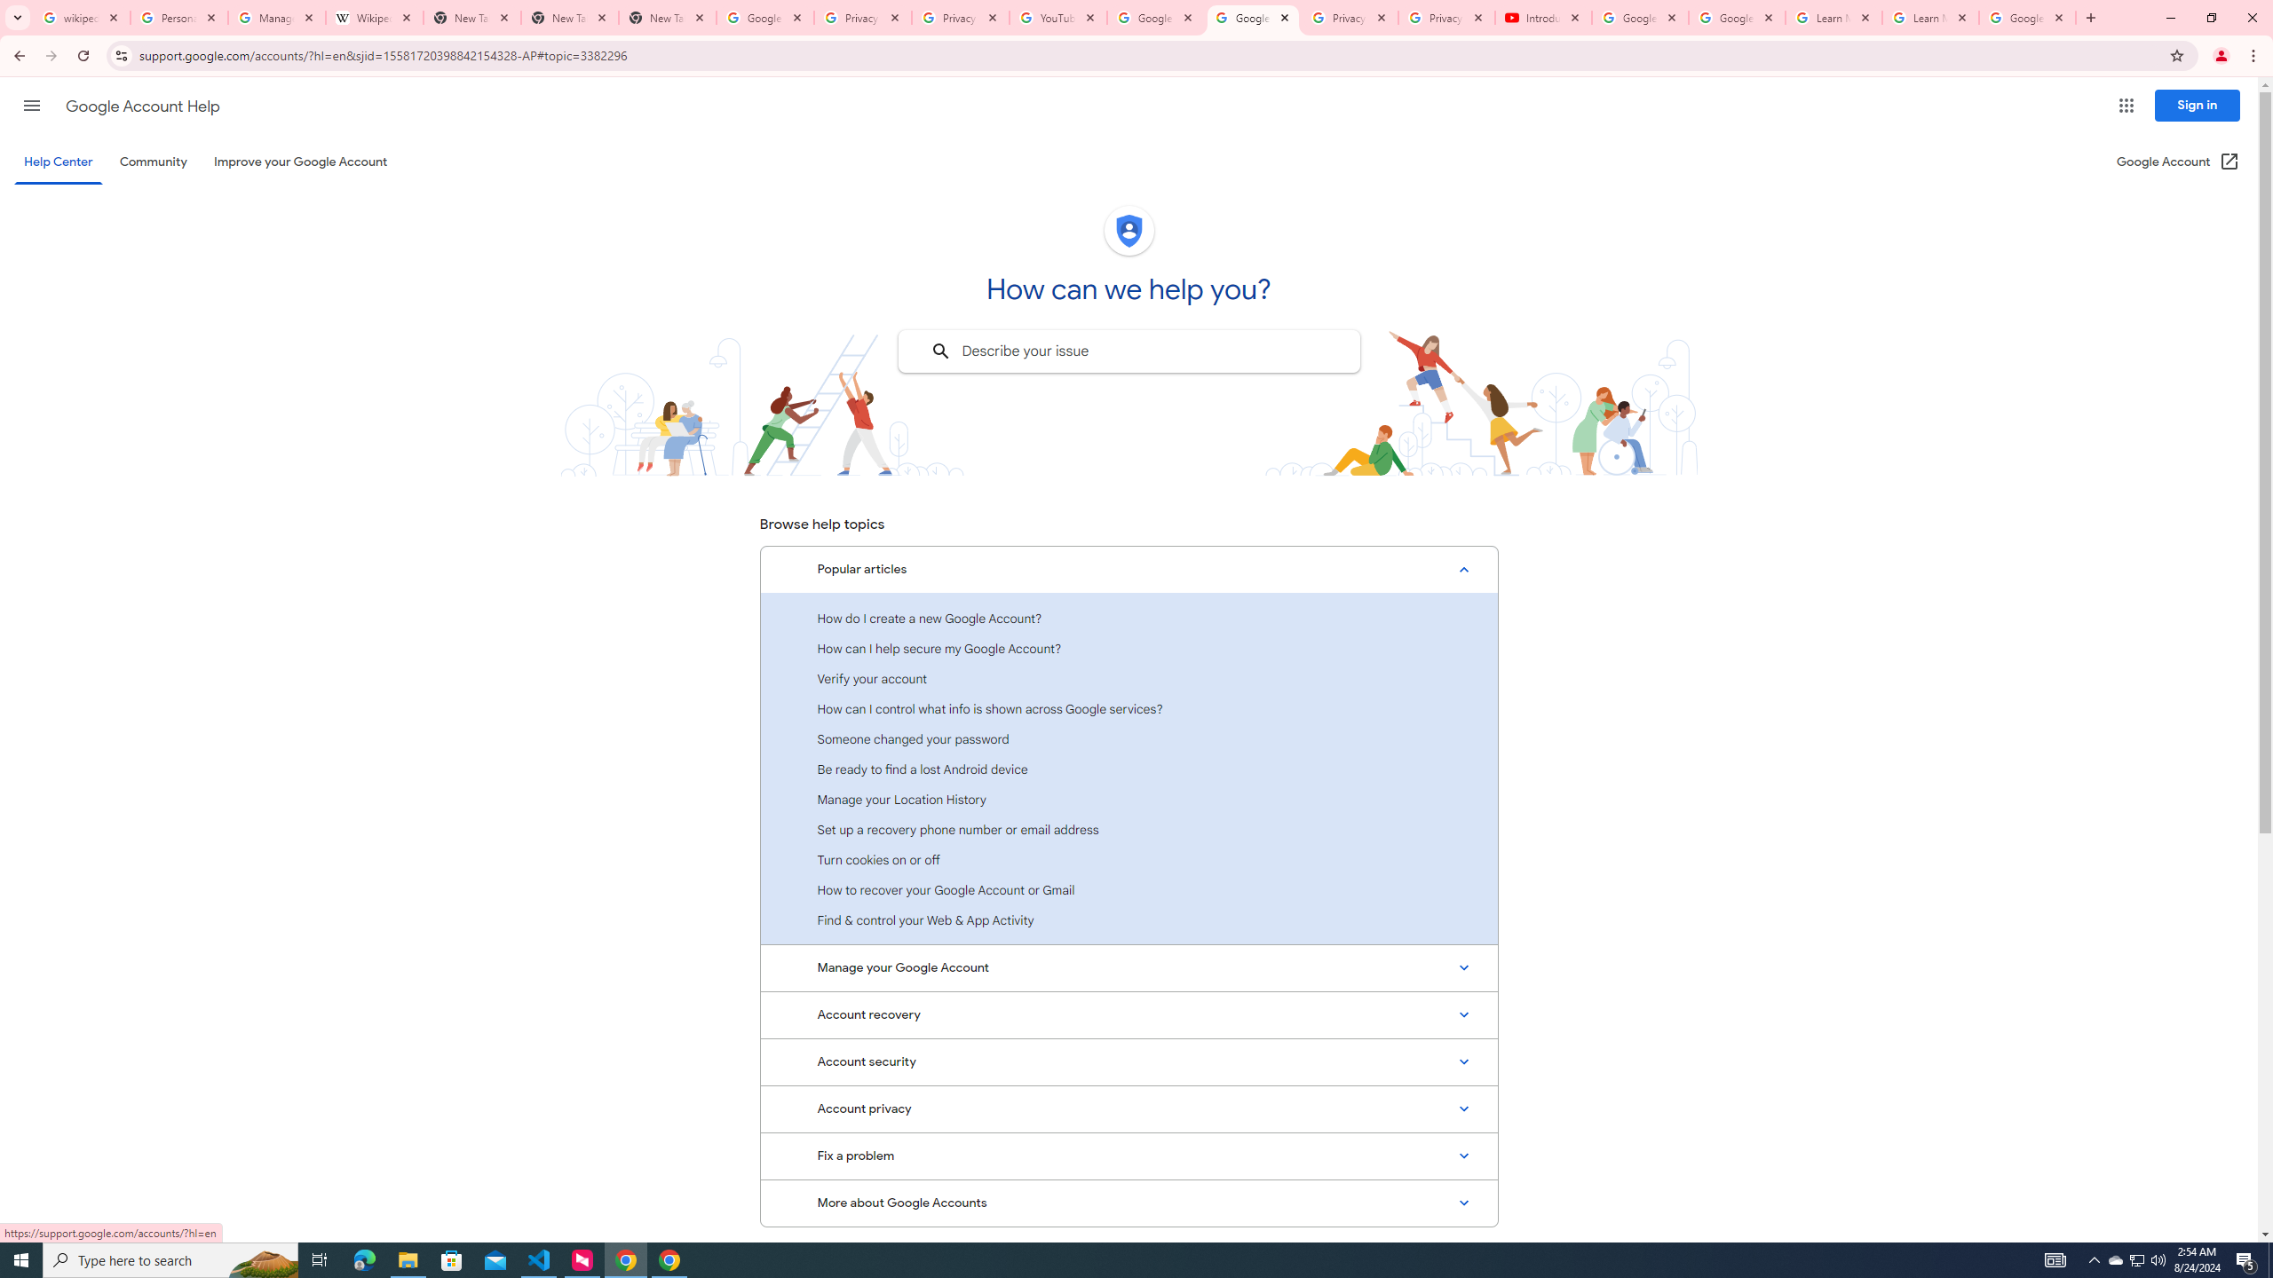 This screenshot has height=1278, width=2273. I want to click on 'New Tab', so click(667, 17).